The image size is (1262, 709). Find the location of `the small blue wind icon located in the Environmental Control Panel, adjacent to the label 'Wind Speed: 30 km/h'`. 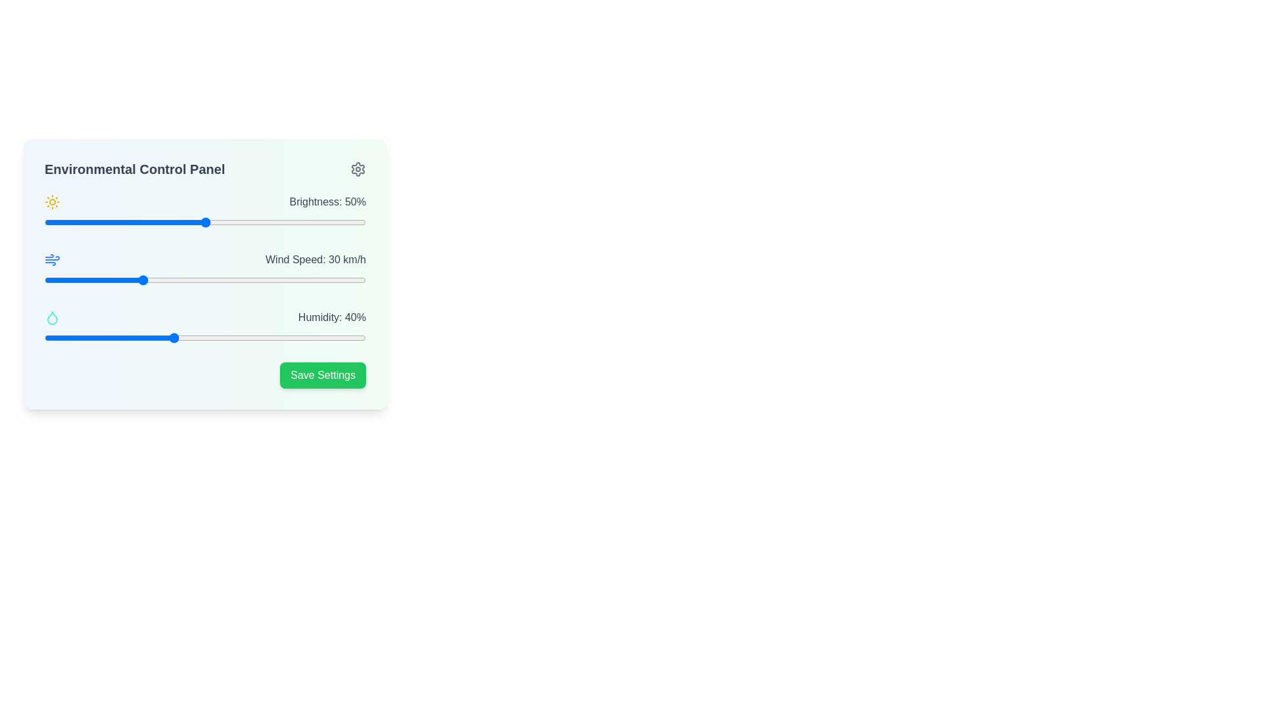

the small blue wind icon located in the Environmental Control Panel, adjacent to the label 'Wind Speed: 30 km/h' is located at coordinates (53, 260).